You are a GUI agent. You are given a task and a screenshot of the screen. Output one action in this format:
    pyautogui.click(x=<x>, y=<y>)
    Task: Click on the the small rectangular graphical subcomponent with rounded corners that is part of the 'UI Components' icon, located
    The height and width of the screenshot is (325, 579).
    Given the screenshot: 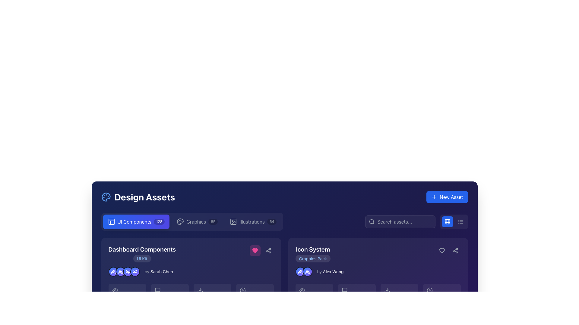 What is the action you would take?
    pyautogui.click(x=111, y=221)
    